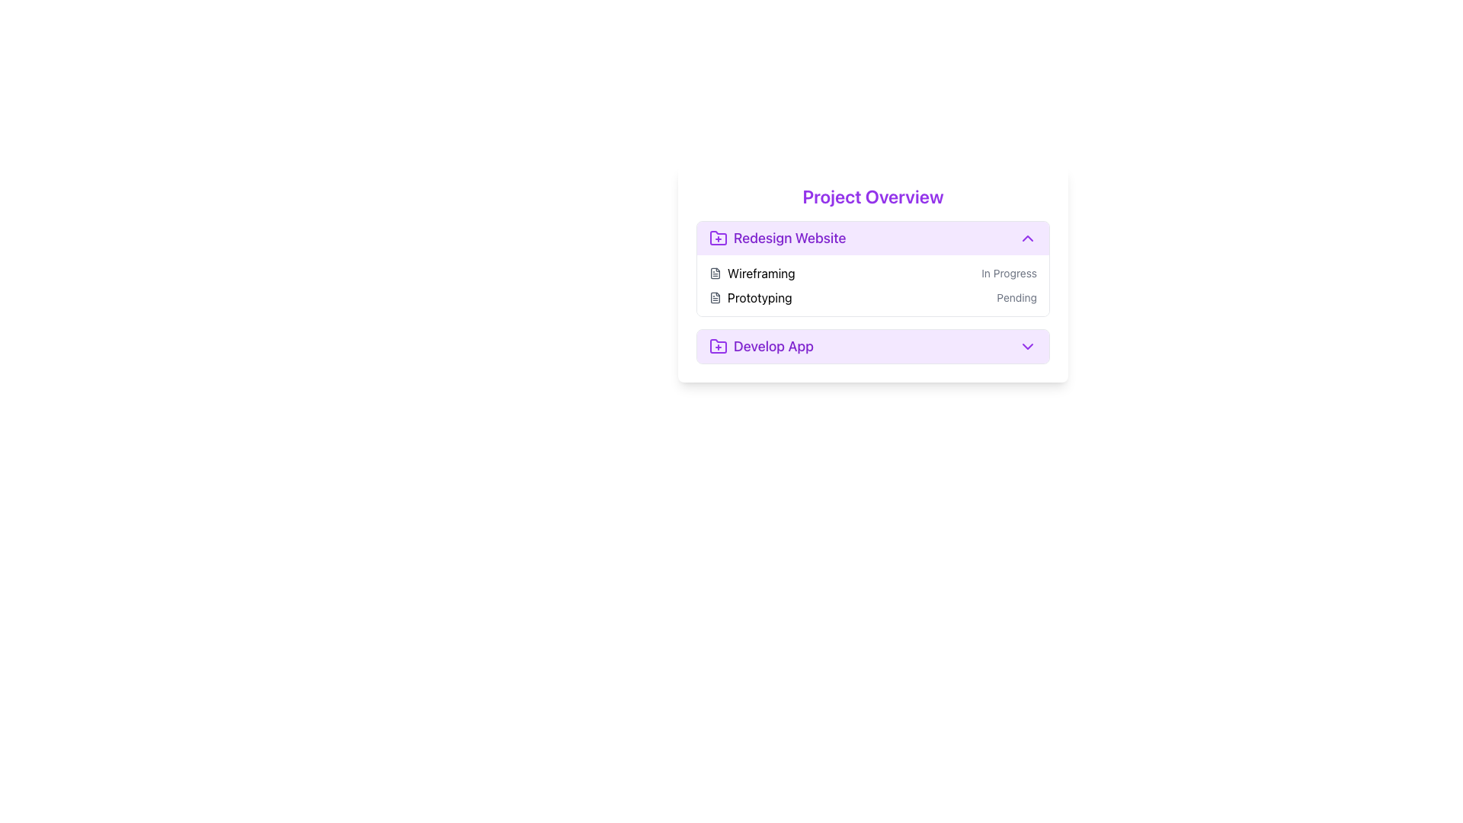  Describe the element at coordinates (773, 347) in the screenshot. I see `the text label element displaying 'Develop App', which is styled with a medium, bold purple font and located within the 'Project Overview' card` at that location.